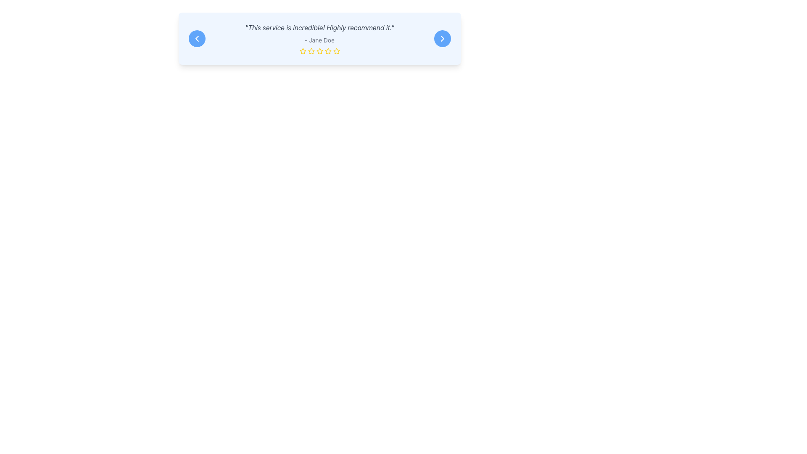 This screenshot has width=807, height=454. What do you see at coordinates (303, 51) in the screenshot?
I see `the first rating star in the sequence` at bounding box center [303, 51].